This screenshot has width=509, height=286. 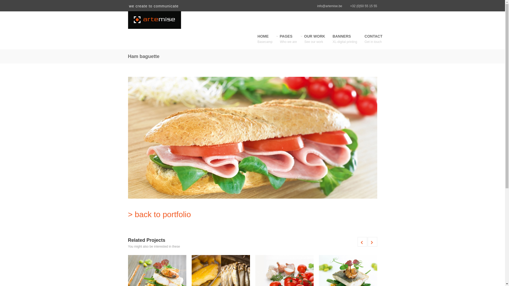 What do you see at coordinates (363, 6) in the screenshot?
I see `'+32 (0)50 55 15 55'` at bounding box center [363, 6].